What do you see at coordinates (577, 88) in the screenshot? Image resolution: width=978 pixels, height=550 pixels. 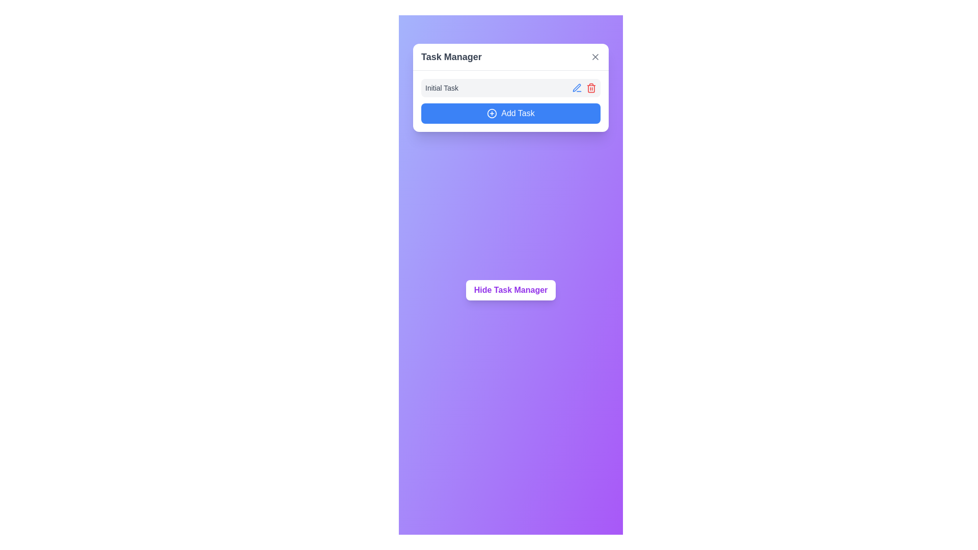 I see `the edit icon, styled to resemble a pen, located to the right of the text field for 'Initial Task' and to the left of the trash icon` at bounding box center [577, 88].